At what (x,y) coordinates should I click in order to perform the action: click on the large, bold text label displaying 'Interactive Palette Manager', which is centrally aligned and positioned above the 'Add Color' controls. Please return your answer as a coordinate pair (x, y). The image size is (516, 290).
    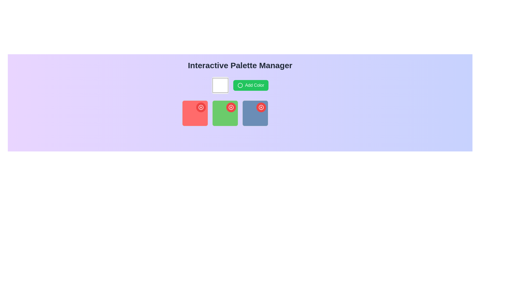
    Looking at the image, I should click on (240, 65).